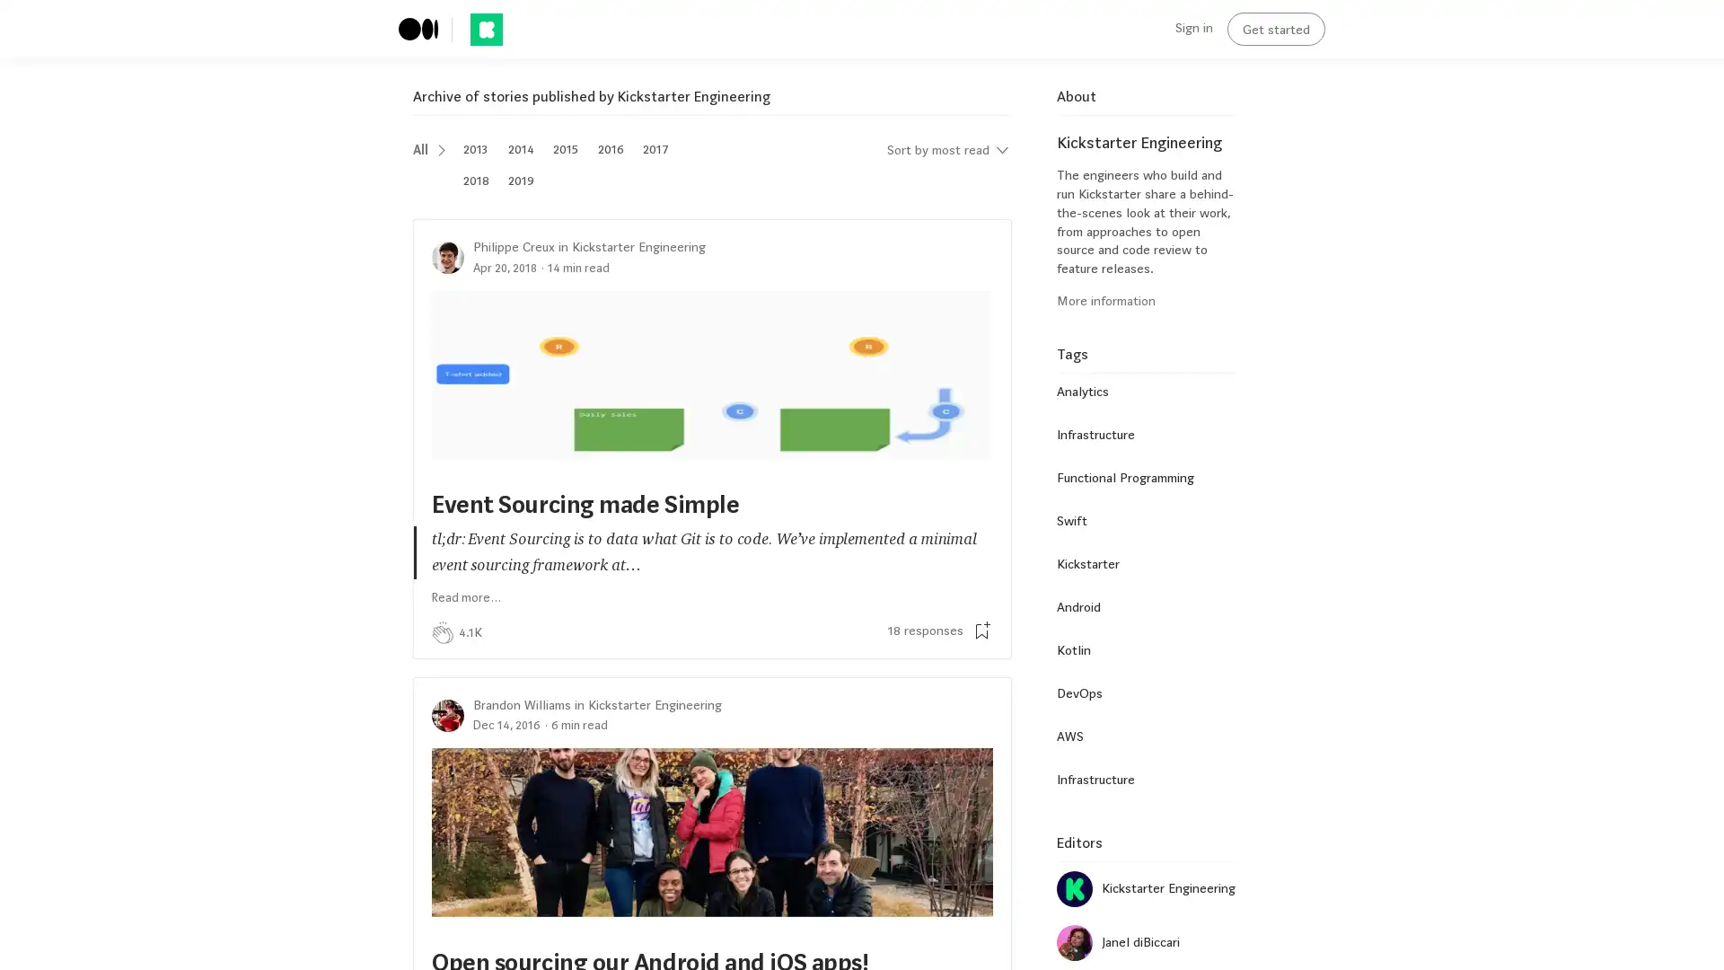  Describe the element at coordinates (470, 632) in the screenshot. I see `4.1K` at that location.